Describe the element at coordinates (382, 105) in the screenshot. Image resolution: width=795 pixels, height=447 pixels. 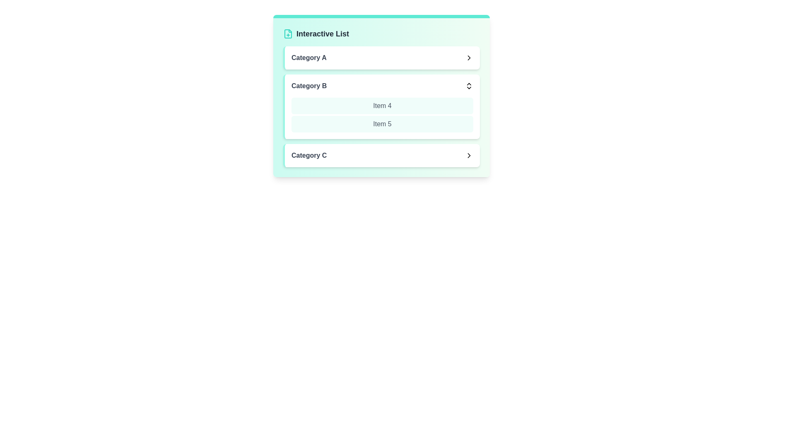
I see `the text of Item 4 for copying` at that location.